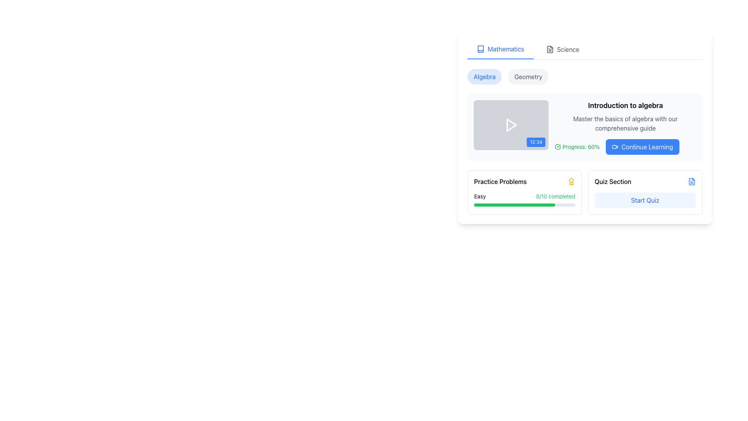 Image resolution: width=748 pixels, height=421 pixels. I want to click on progress bar located within the 'Practice Problems' section, which is uniquely identifiable by its gray background and green progress indicator reflecting 80% completion, so click(524, 204).